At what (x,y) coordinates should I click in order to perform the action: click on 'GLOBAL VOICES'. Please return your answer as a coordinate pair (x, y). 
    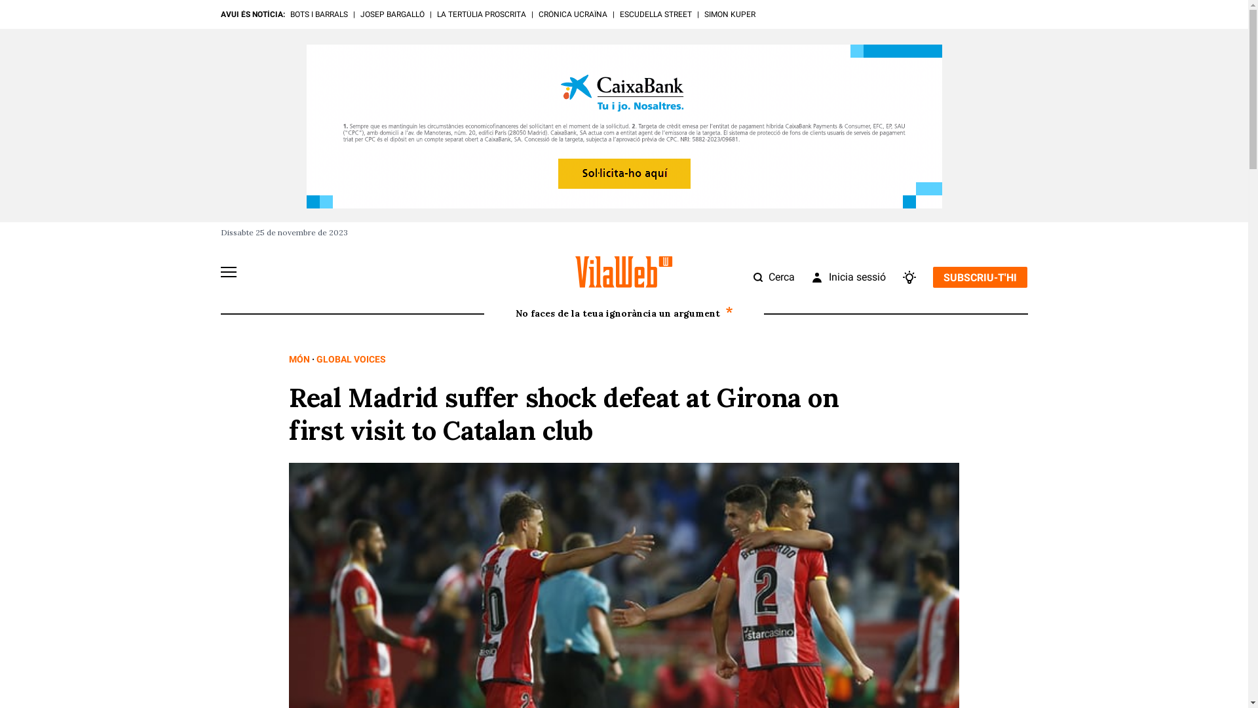
    Looking at the image, I should click on (316, 359).